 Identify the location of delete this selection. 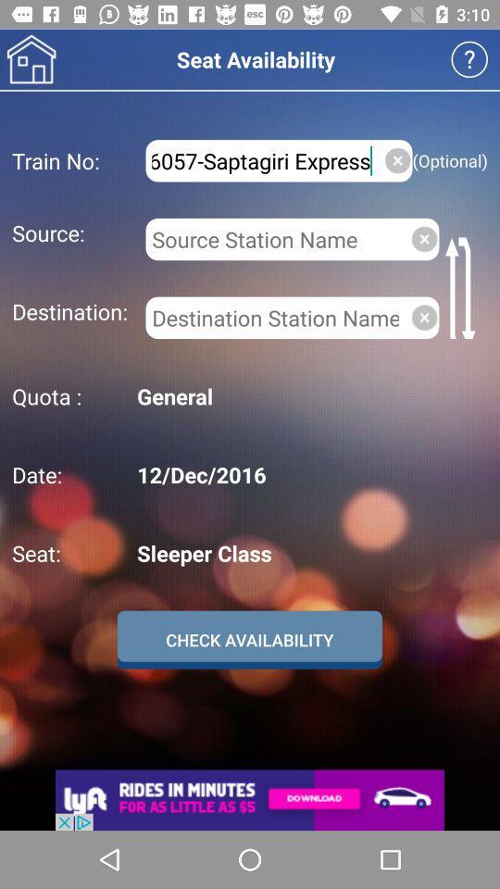
(424, 318).